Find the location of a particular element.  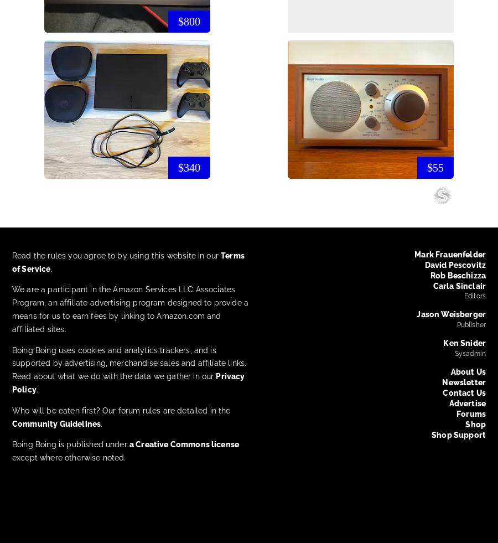

'Editors' is located at coordinates (474, 296).